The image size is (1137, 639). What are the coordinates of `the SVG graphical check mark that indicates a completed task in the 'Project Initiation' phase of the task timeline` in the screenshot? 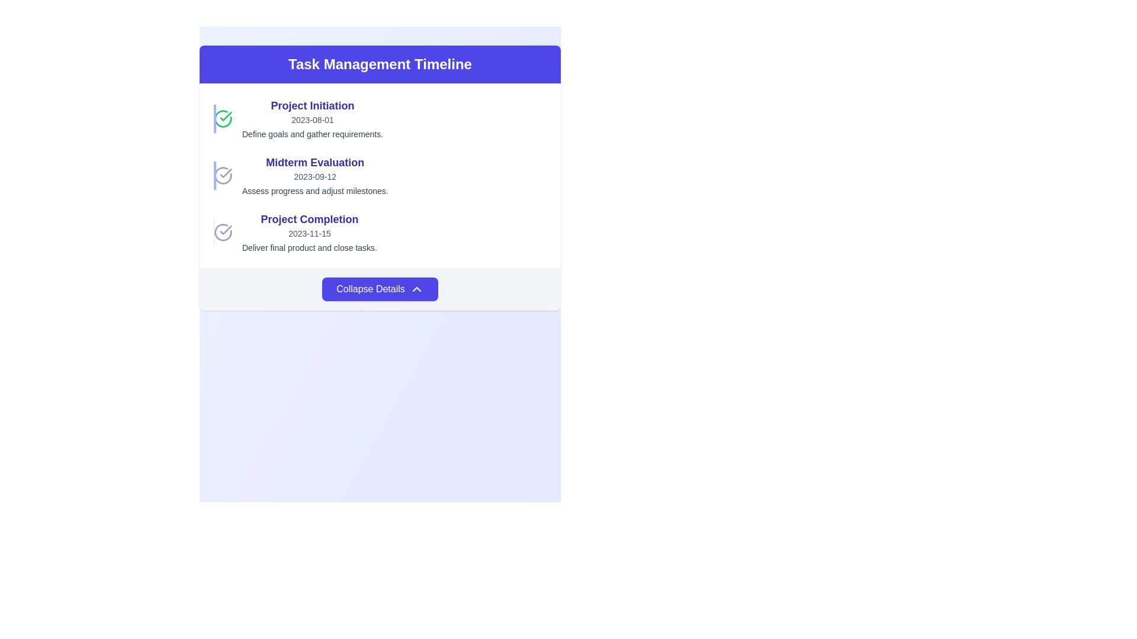 It's located at (226, 173).